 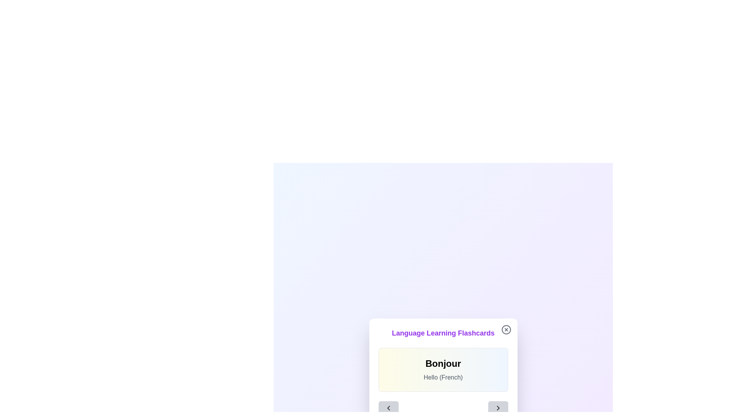 What do you see at coordinates (388, 407) in the screenshot?
I see `the left-pointing chevron arrow icon button to highlight it for keyboard navigation` at bounding box center [388, 407].